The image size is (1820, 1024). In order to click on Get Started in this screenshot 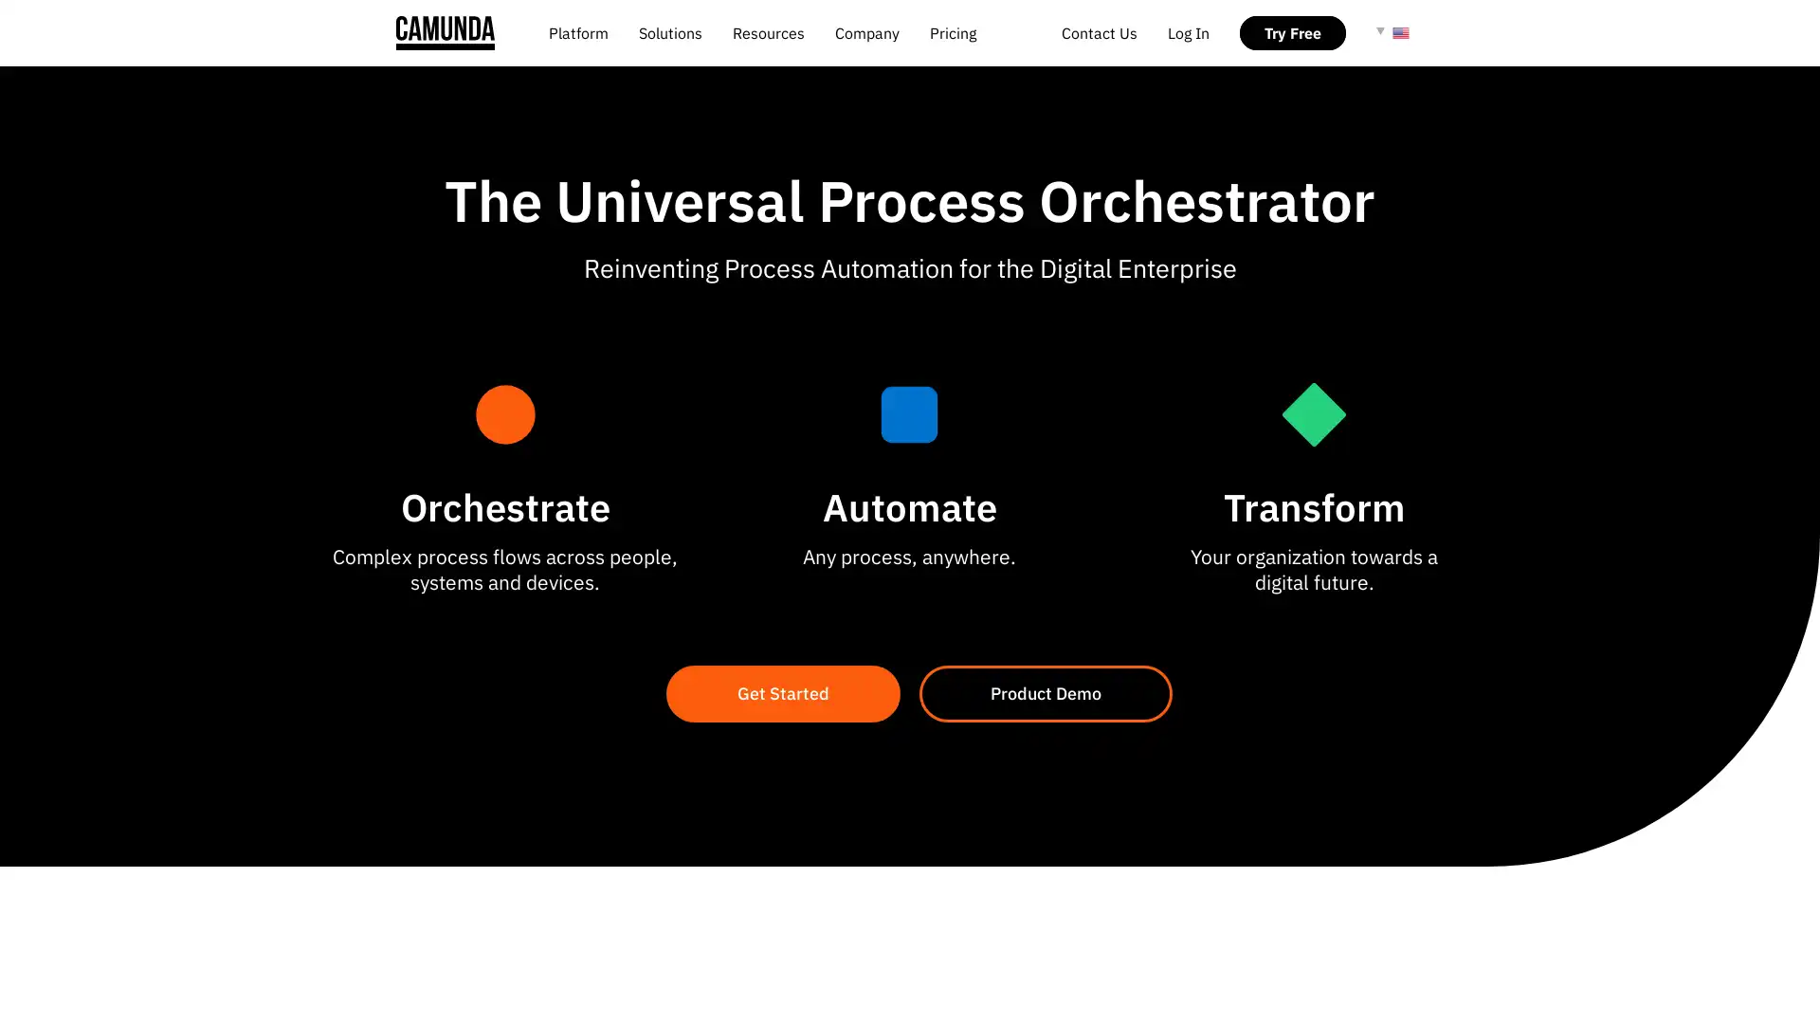, I will do `click(783, 694)`.